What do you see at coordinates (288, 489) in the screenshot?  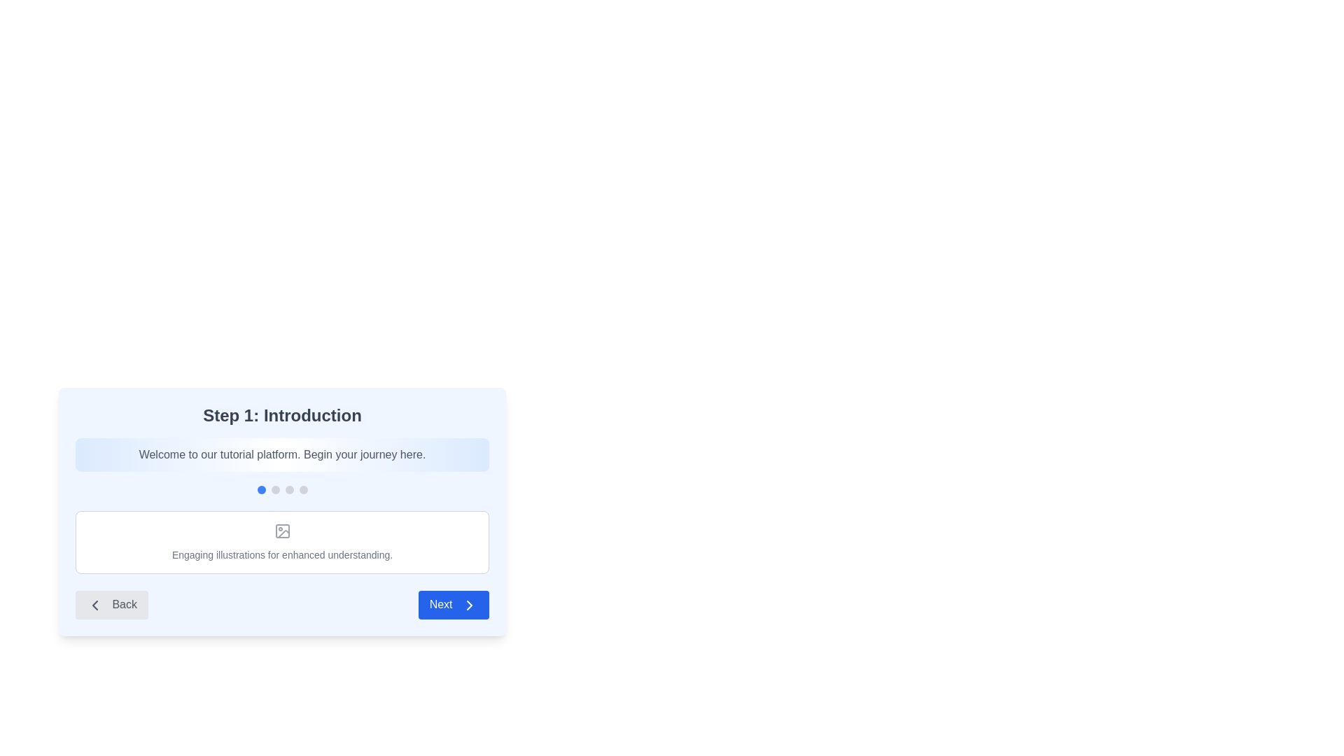 I see `the third dot in the step progress indicator group, located under 'Step 1: Introduction', which represents an unselected step` at bounding box center [288, 489].